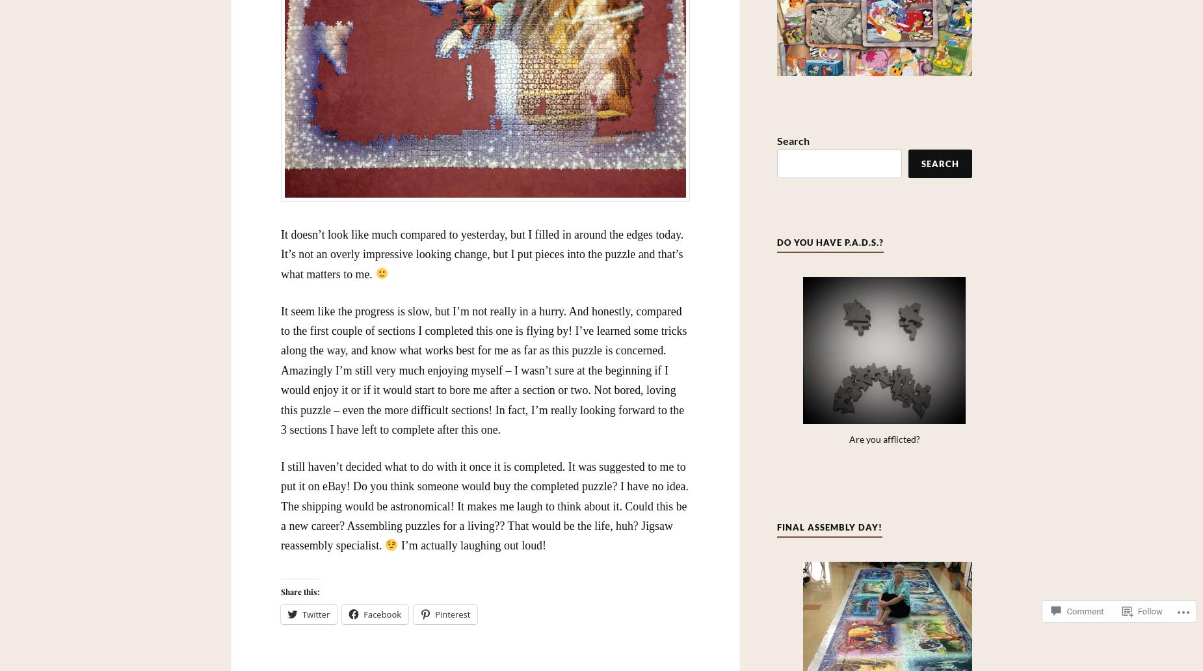 The width and height of the screenshot is (1203, 671). What do you see at coordinates (482, 254) in the screenshot?
I see `'It doesn’t look like much compared to yesterday, but I filled in around the edges today. It’s not an overly impressive looking change, but I put pieces into the puzzle and that’s what matters to me.'` at bounding box center [482, 254].